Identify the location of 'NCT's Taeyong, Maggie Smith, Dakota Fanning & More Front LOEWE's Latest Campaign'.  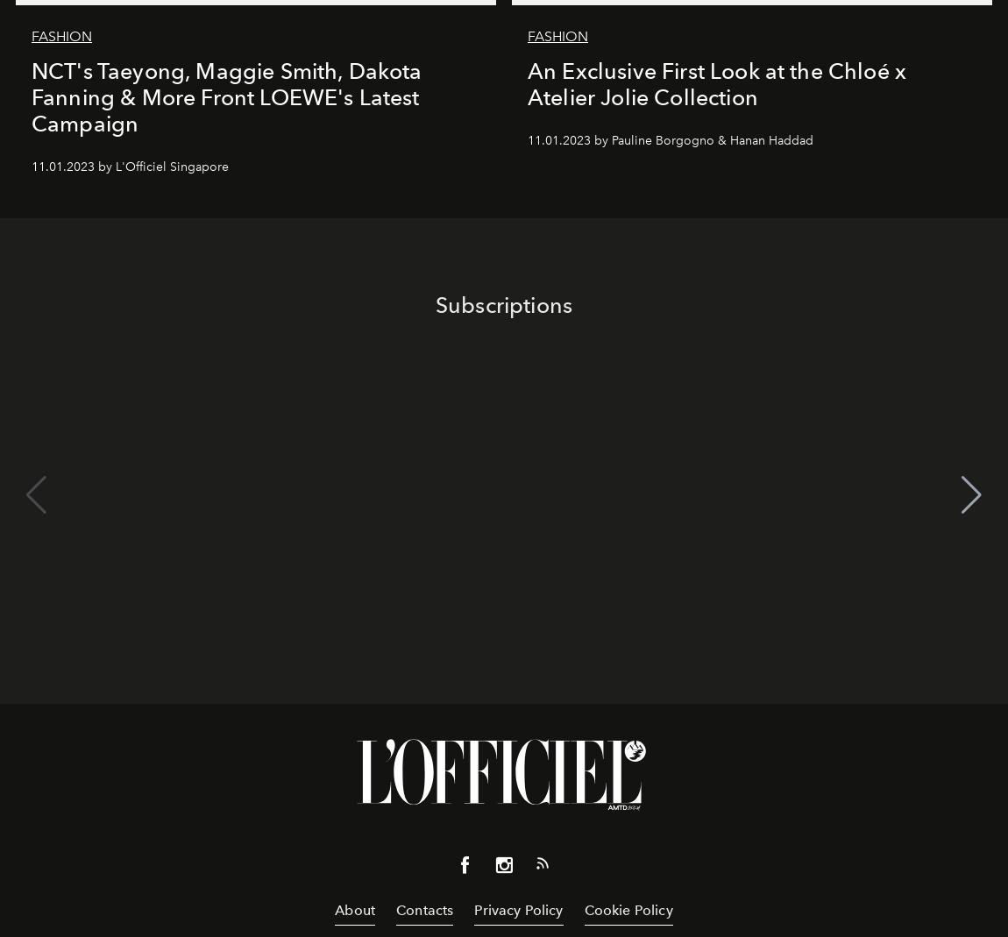
(225, 96).